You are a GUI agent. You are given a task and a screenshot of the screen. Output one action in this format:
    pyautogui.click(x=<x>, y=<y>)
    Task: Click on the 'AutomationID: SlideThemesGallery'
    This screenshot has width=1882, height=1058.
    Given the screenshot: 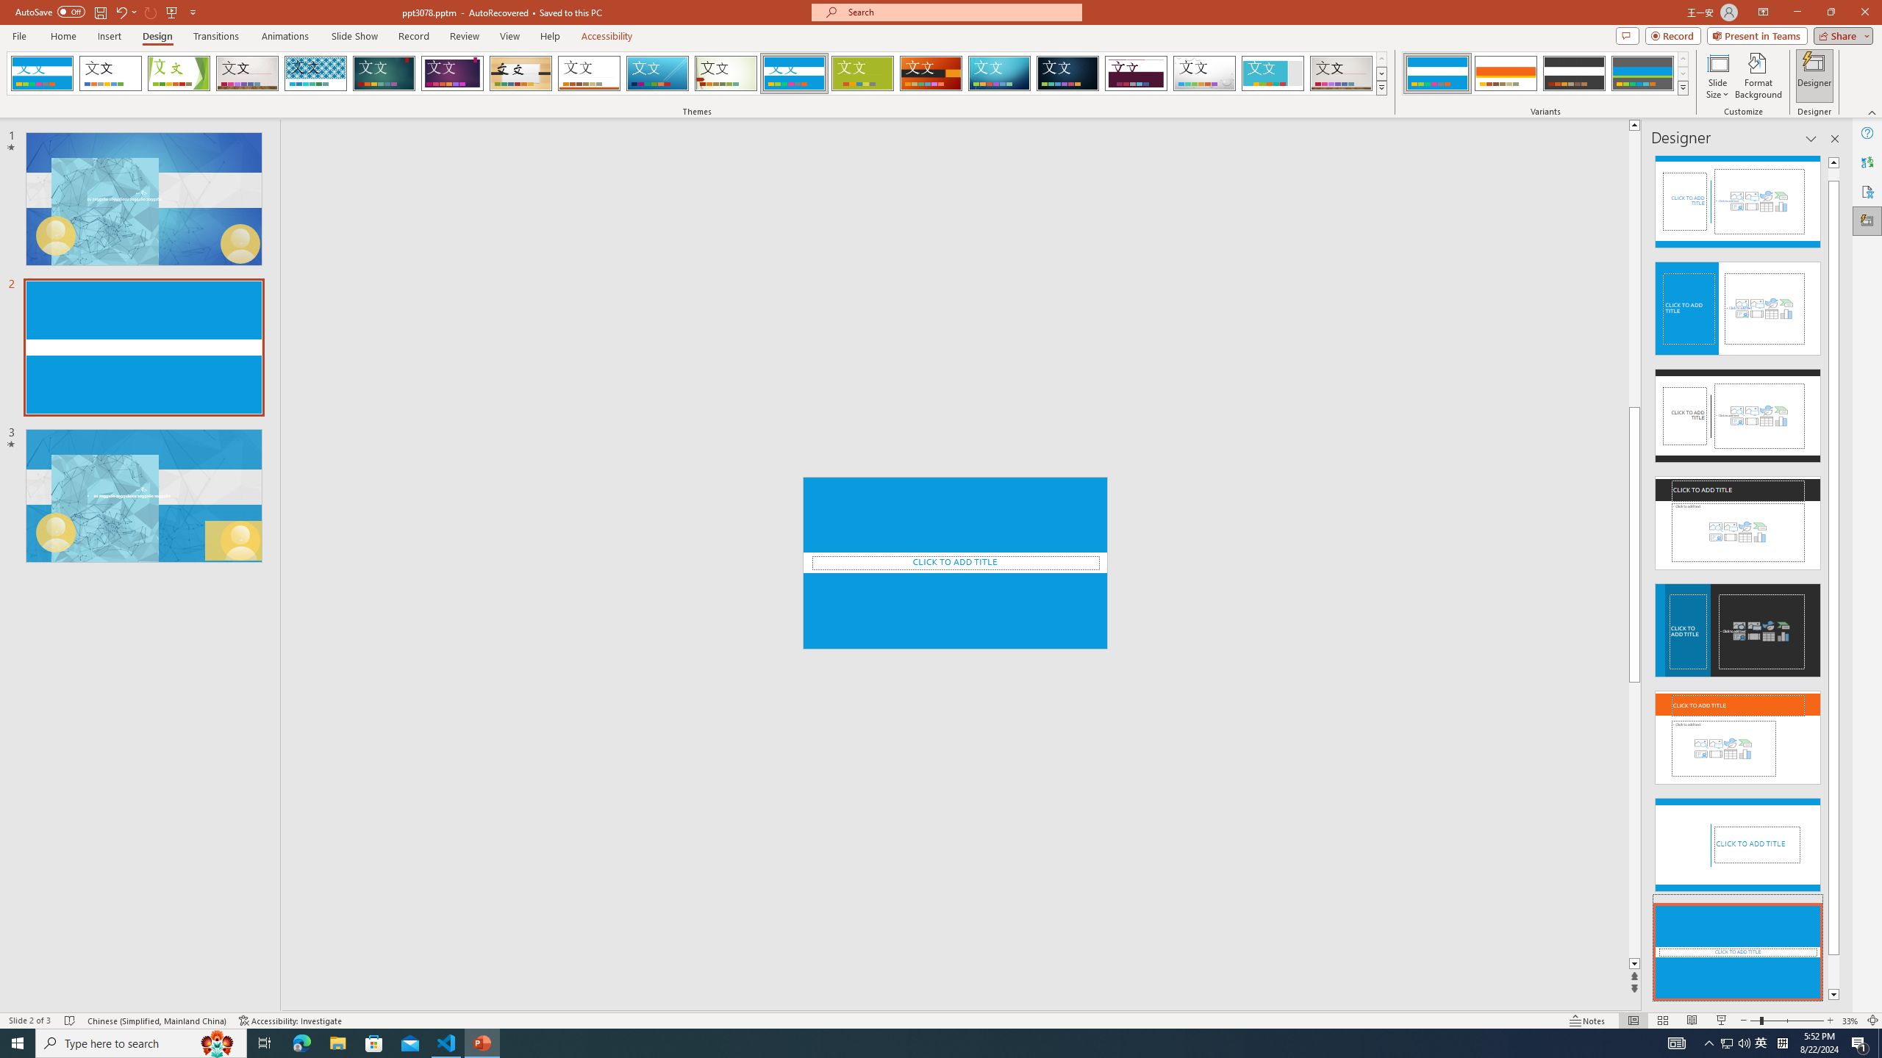 What is the action you would take?
    pyautogui.click(x=696, y=73)
    